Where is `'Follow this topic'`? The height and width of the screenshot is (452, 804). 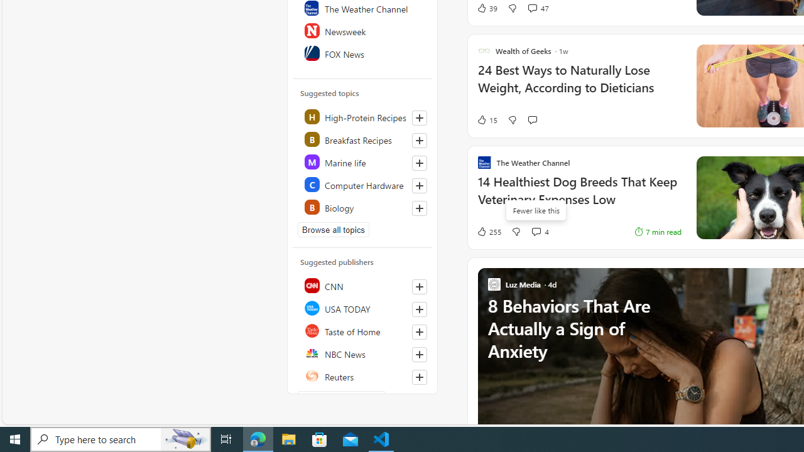
'Follow this topic' is located at coordinates (420, 207).